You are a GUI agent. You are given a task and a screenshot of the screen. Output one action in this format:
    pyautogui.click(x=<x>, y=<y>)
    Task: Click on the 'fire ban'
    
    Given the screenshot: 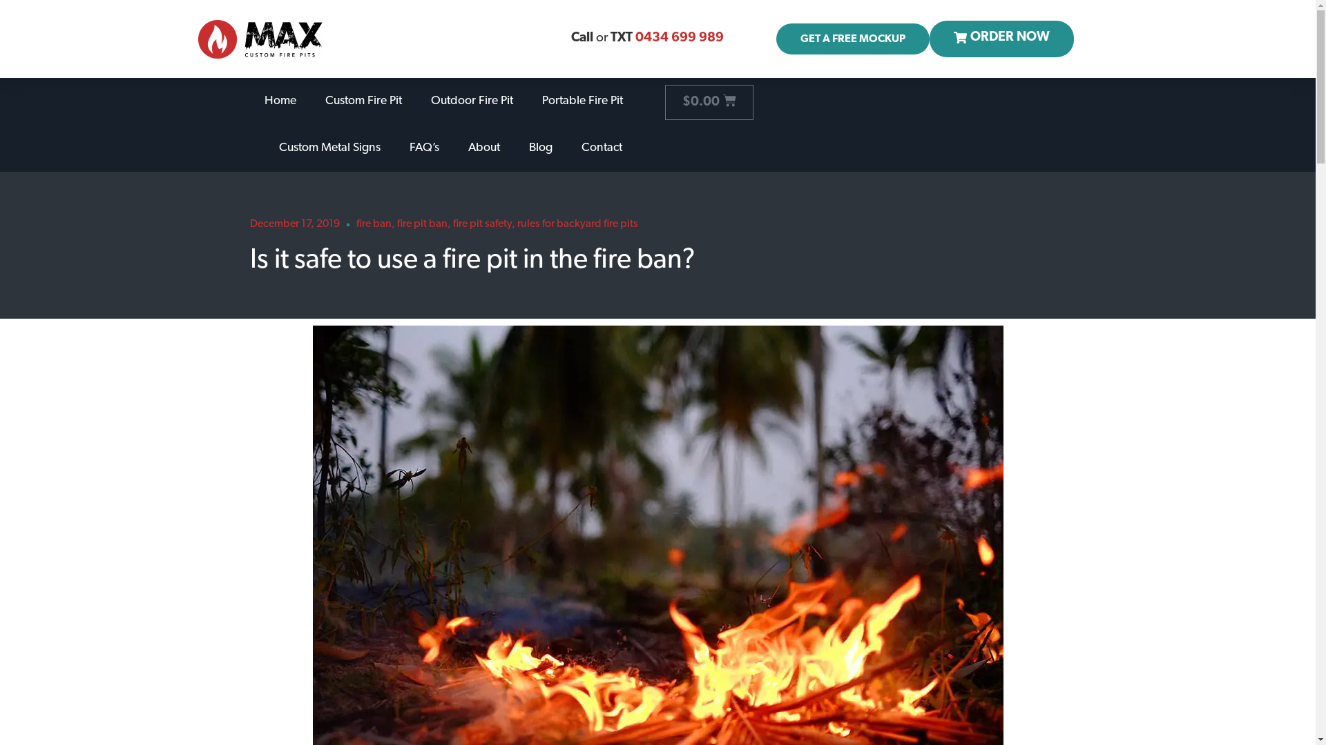 What is the action you would take?
    pyautogui.click(x=374, y=223)
    